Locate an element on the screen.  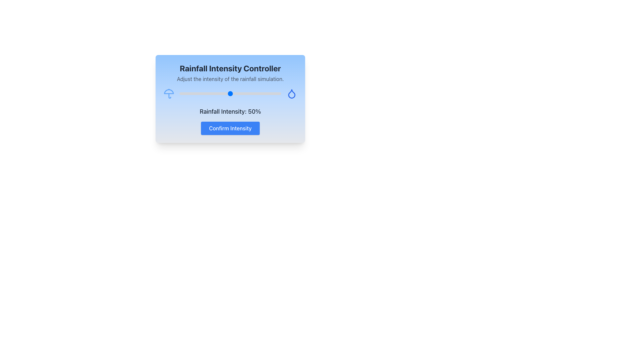
the rainfall intensity is located at coordinates (221, 94).